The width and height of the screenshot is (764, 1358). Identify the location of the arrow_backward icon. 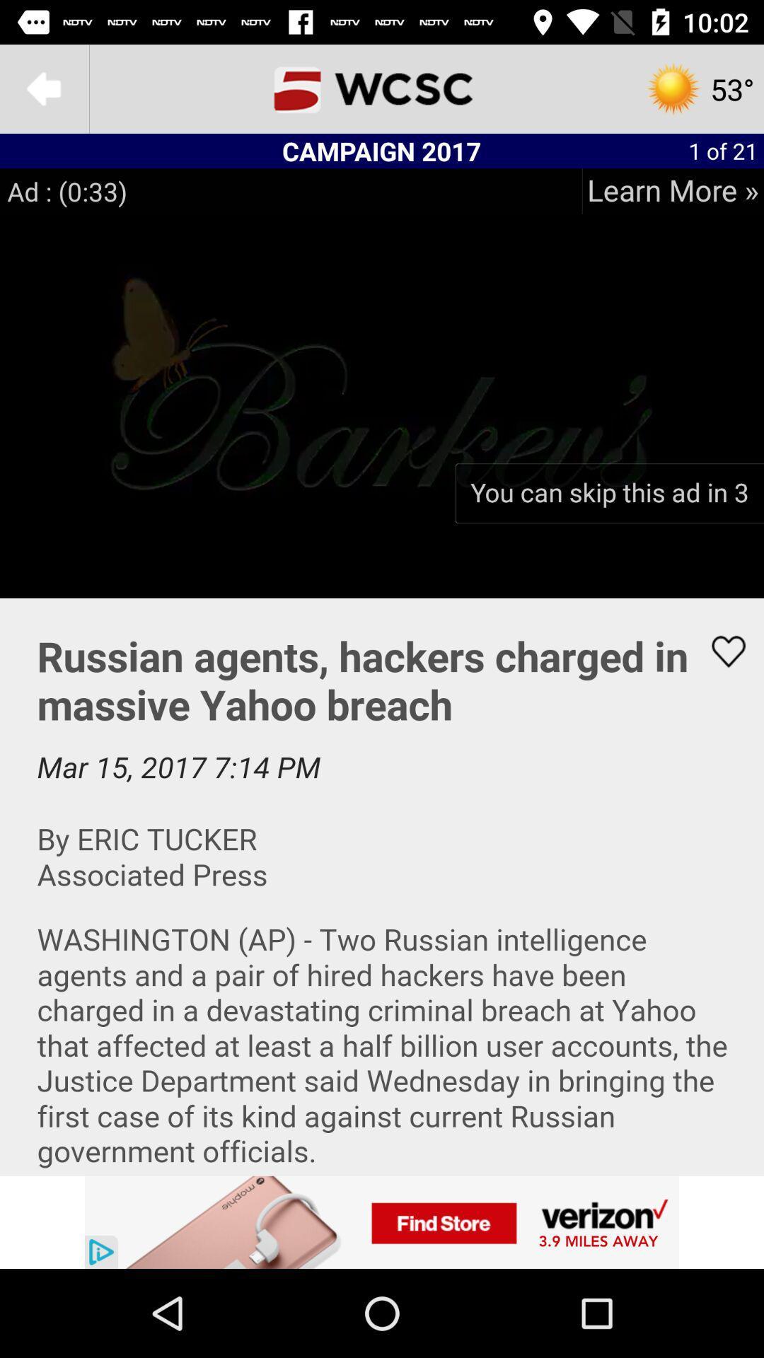
(43, 88).